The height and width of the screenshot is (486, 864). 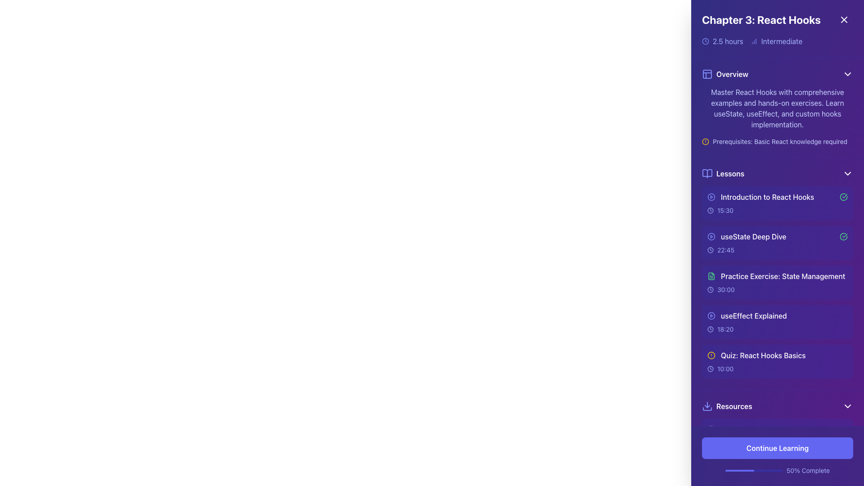 I want to click on the educational video lesson titled 'useEffect Explained' located in the 'Chapter 3: React Hooks' section, so click(x=747, y=315).